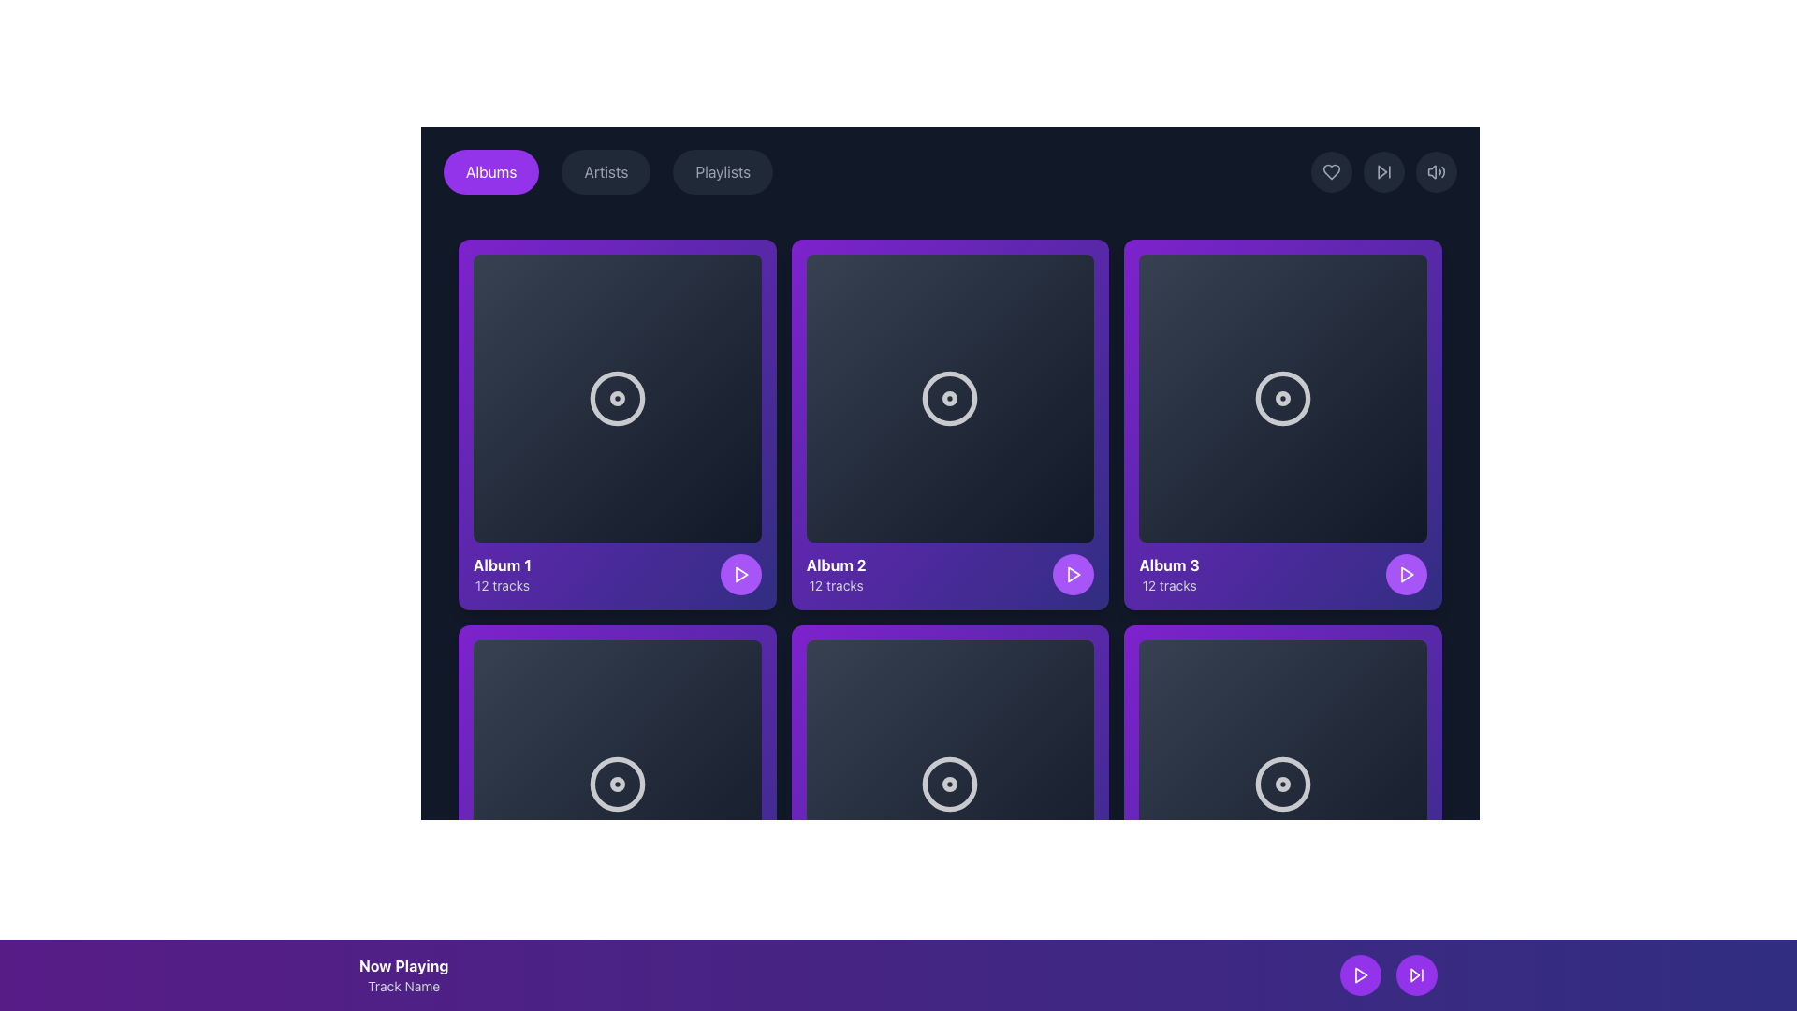 This screenshot has width=1797, height=1011. Describe the element at coordinates (606, 172) in the screenshot. I see `the 'Artists' button, which is the second button in a row of three horizontally aligned buttons, to observe visual feedback` at that location.